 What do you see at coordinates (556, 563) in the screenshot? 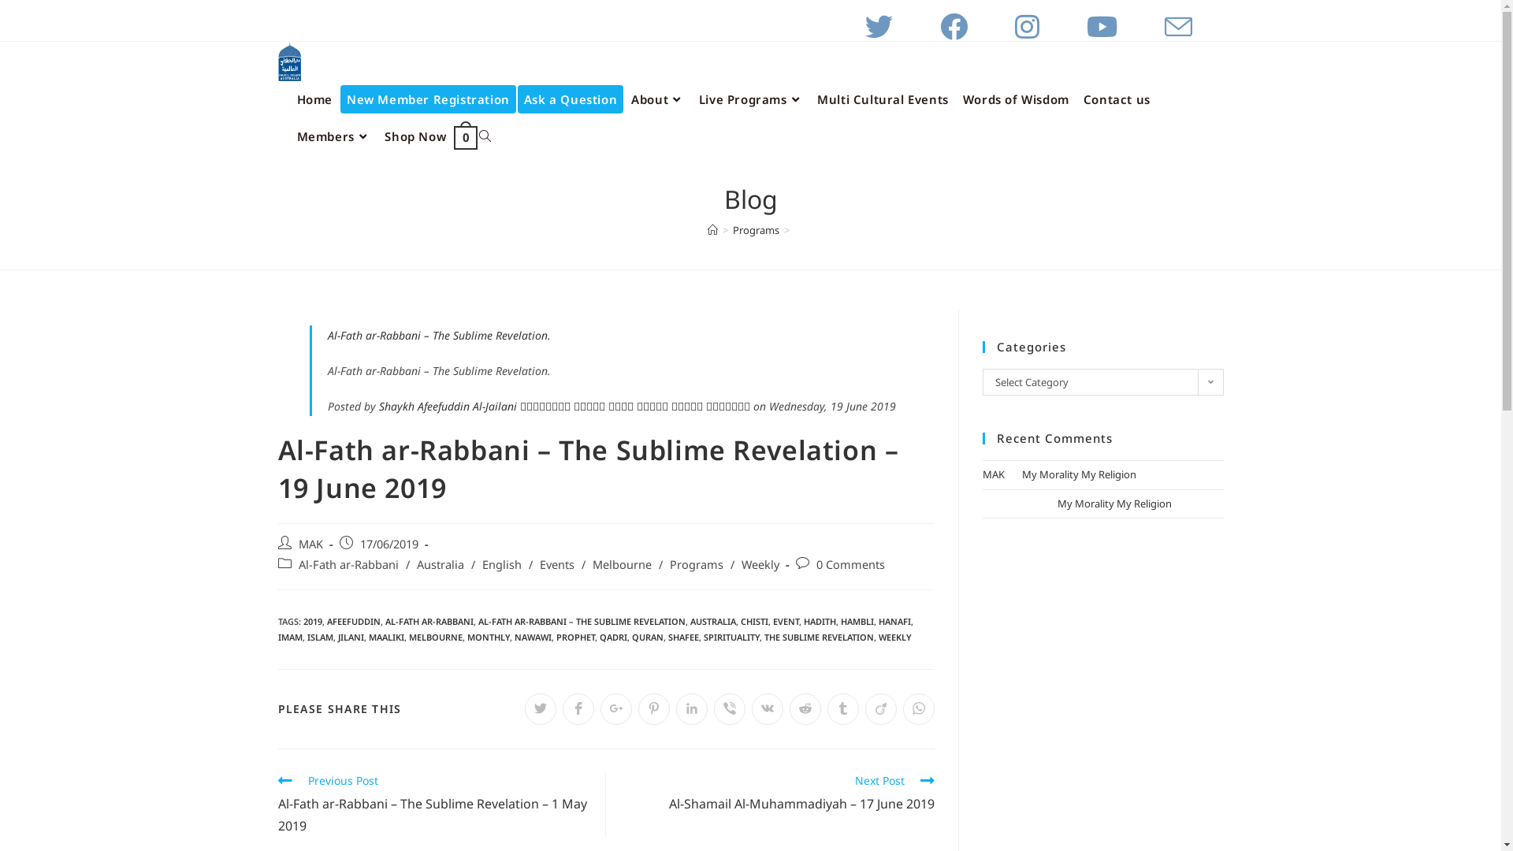
I see `'Events'` at bounding box center [556, 563].